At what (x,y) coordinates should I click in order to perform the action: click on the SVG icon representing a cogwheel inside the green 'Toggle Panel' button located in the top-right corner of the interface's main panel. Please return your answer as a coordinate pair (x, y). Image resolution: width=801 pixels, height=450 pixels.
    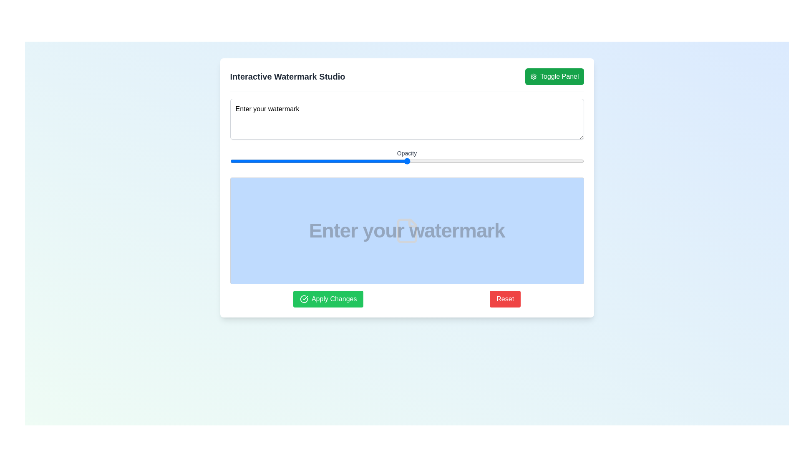
    Looking at the image, I should click on (533, 77).